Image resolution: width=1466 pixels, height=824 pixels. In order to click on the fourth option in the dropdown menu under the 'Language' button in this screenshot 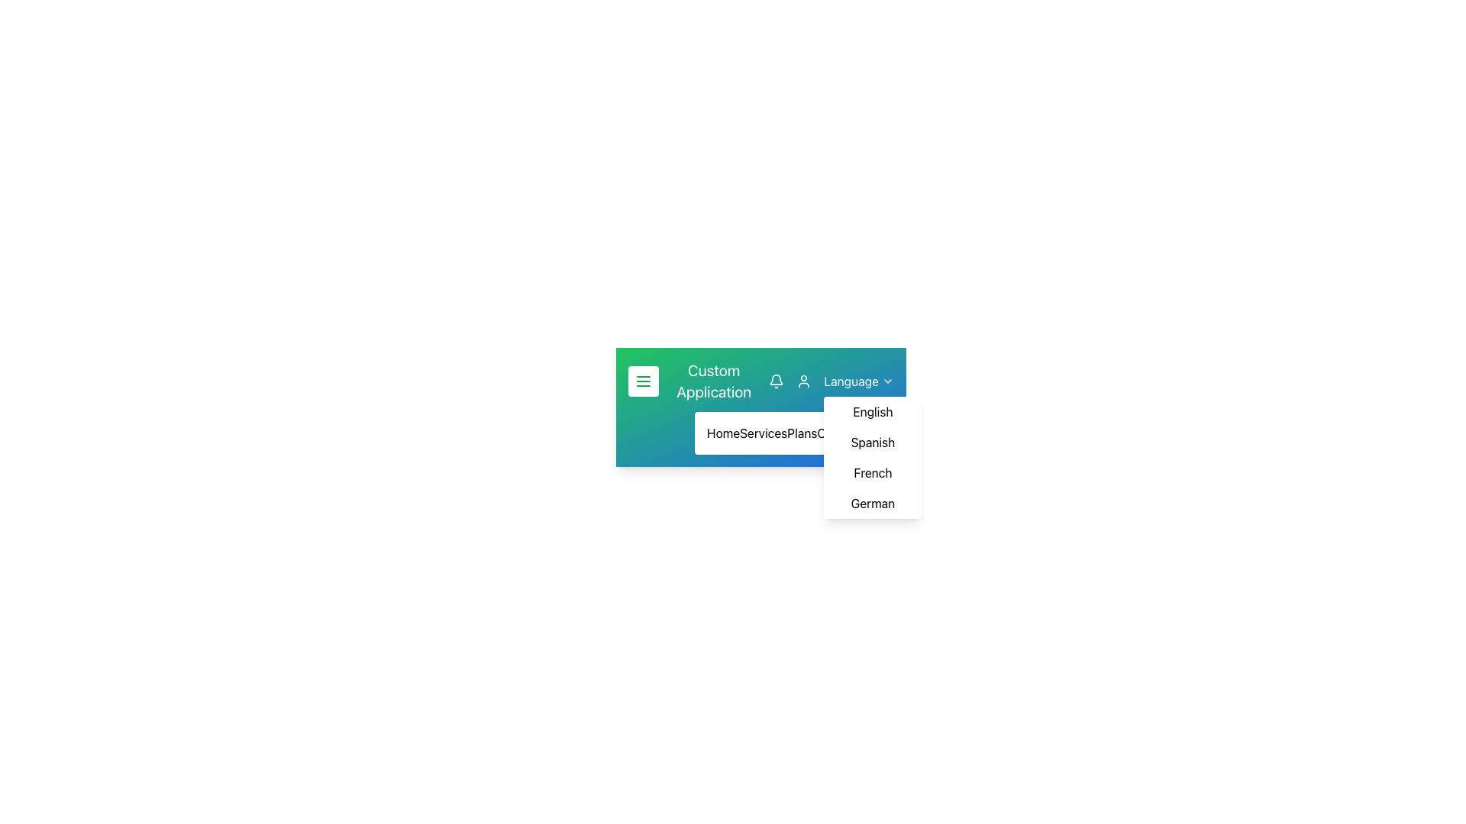, I will do `click(873, 503)`.